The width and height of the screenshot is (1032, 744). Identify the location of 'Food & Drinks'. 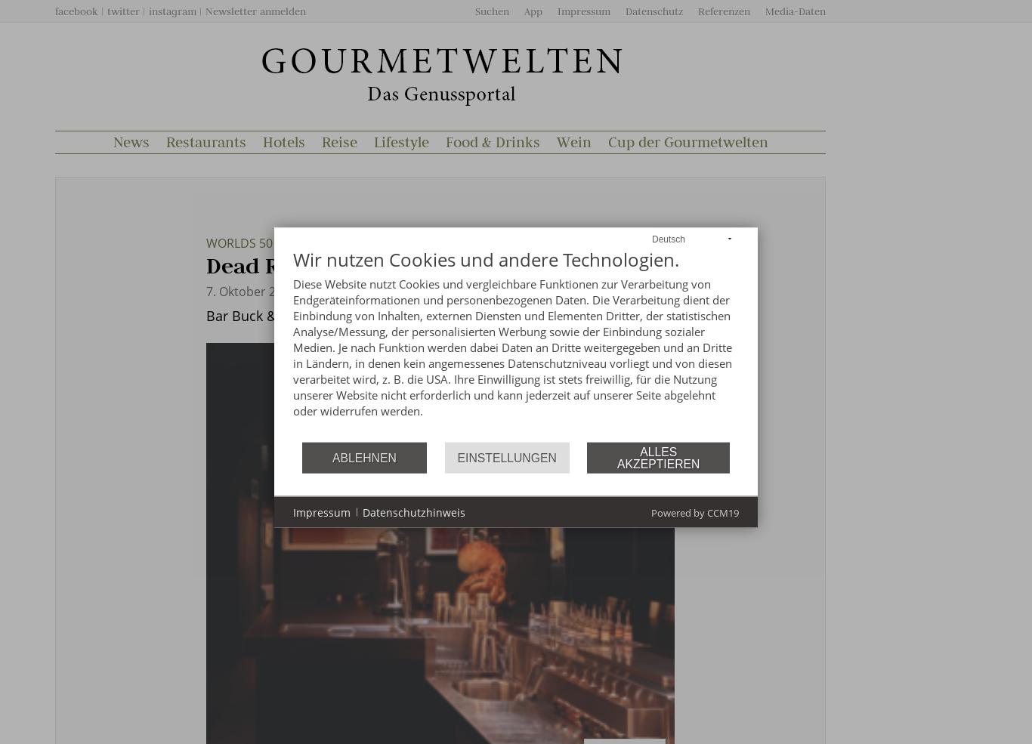
(491, 142).